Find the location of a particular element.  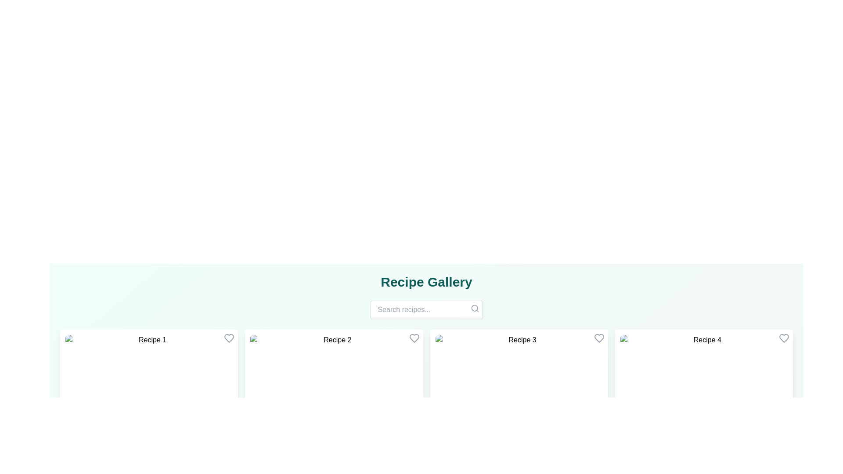

the heart-shaped icon button in the top-right corner of the 'Recipe 4' card to mark it as favorite is located at coordinates (784, 338).